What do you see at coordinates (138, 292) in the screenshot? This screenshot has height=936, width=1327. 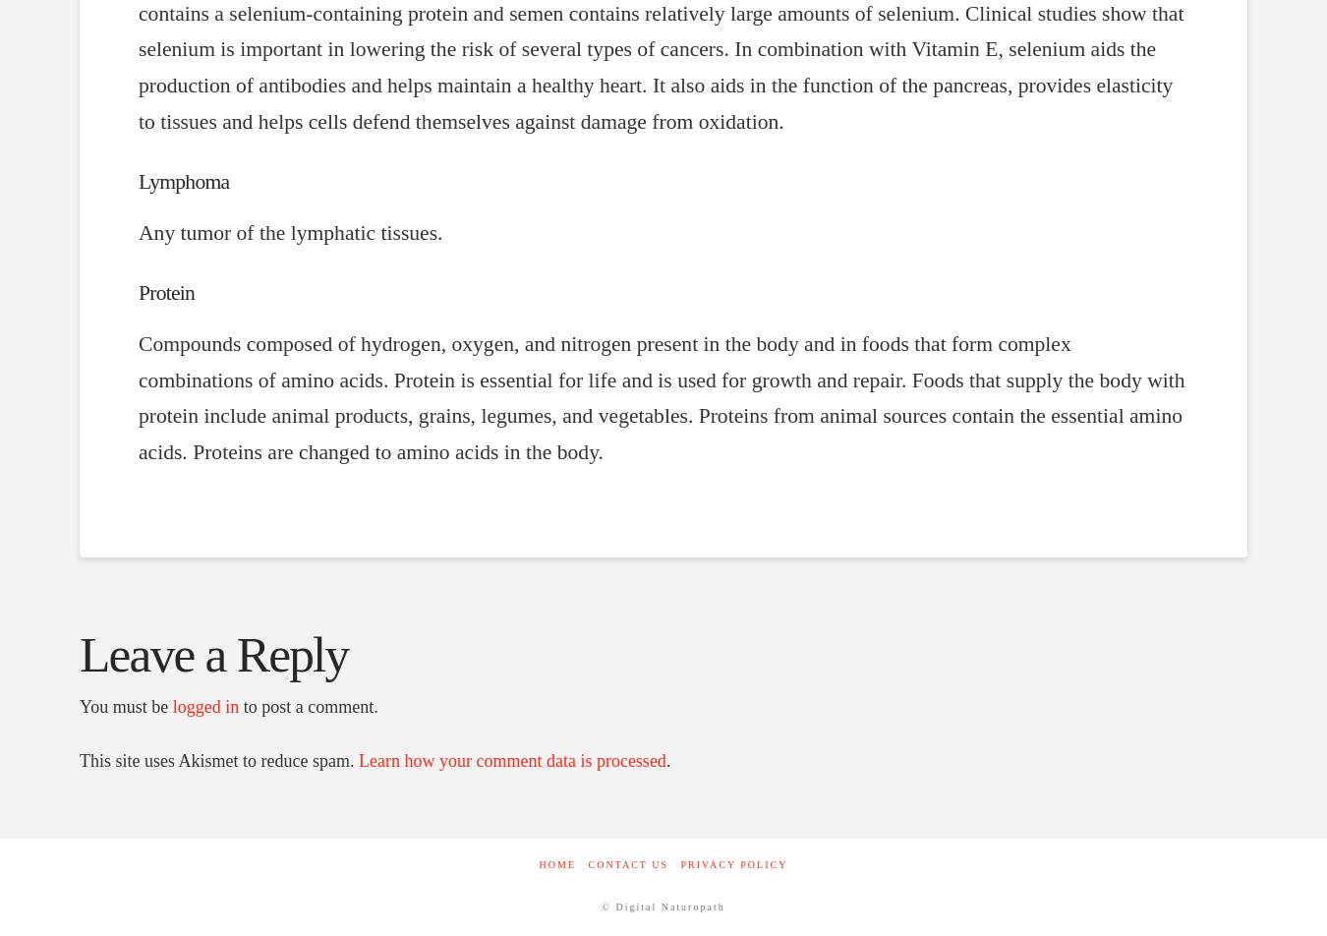 I see `'Protein'` at bounding box center [138, 292].